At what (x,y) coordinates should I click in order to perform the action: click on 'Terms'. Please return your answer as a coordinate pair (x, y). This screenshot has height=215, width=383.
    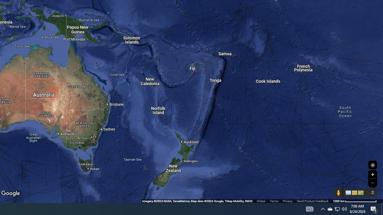
    Looking at the image, I should click on (274, 201).